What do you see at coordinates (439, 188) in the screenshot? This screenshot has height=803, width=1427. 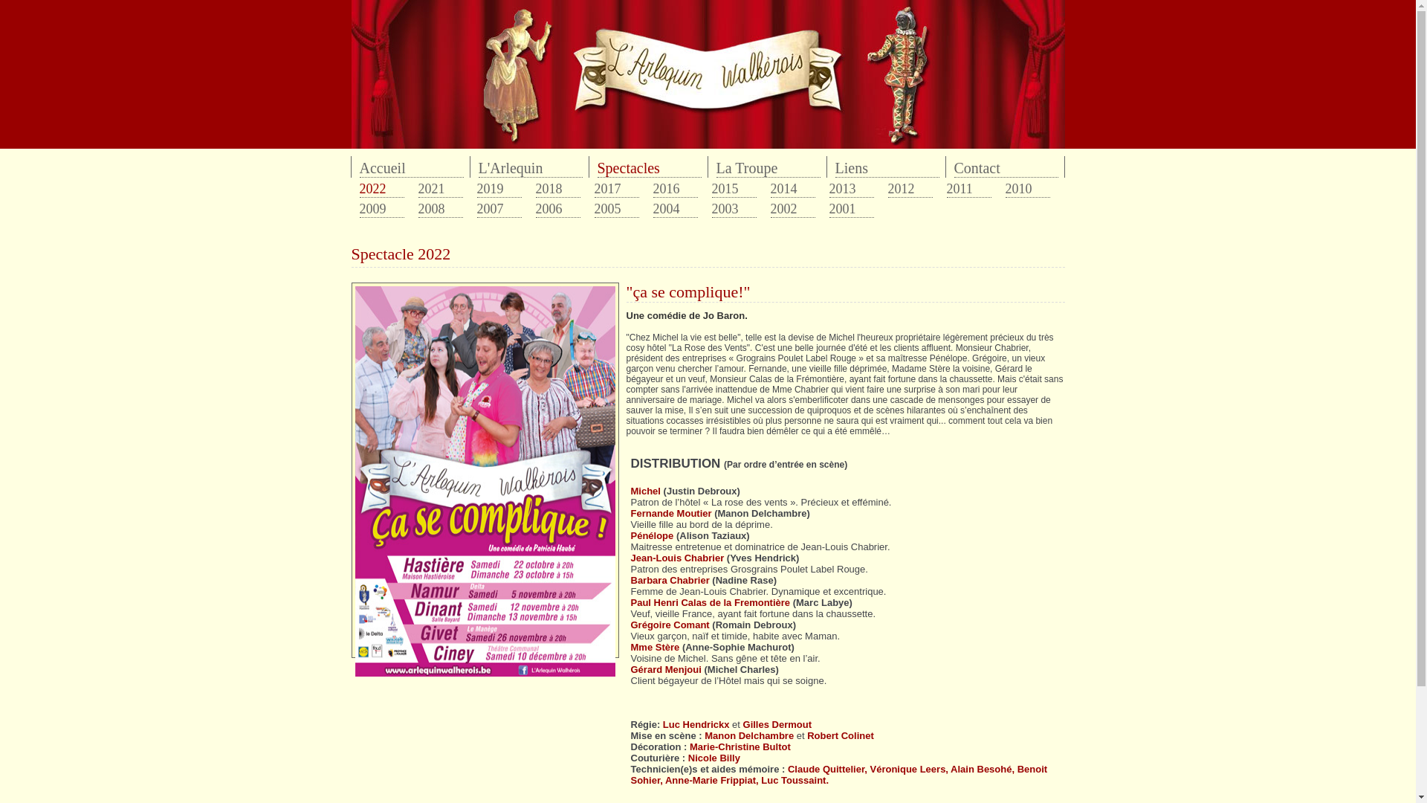 I see `'2021'` at bounding box center [439, 188].